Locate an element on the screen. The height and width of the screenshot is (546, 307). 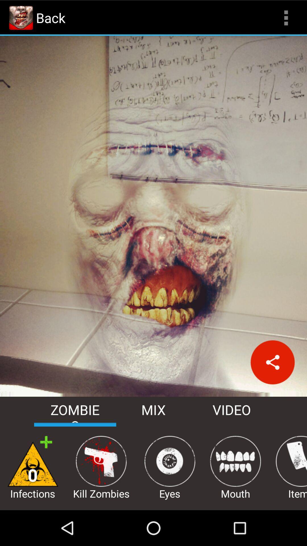
the share icon is located at coordinates (272, 387).